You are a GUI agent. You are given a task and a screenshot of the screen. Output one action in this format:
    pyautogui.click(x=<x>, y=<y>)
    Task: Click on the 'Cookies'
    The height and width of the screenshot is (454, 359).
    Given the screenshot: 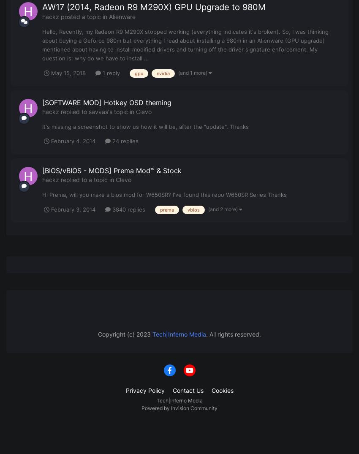 What is the action you would take?
    pyautogui.click(x=221, y=389)
    